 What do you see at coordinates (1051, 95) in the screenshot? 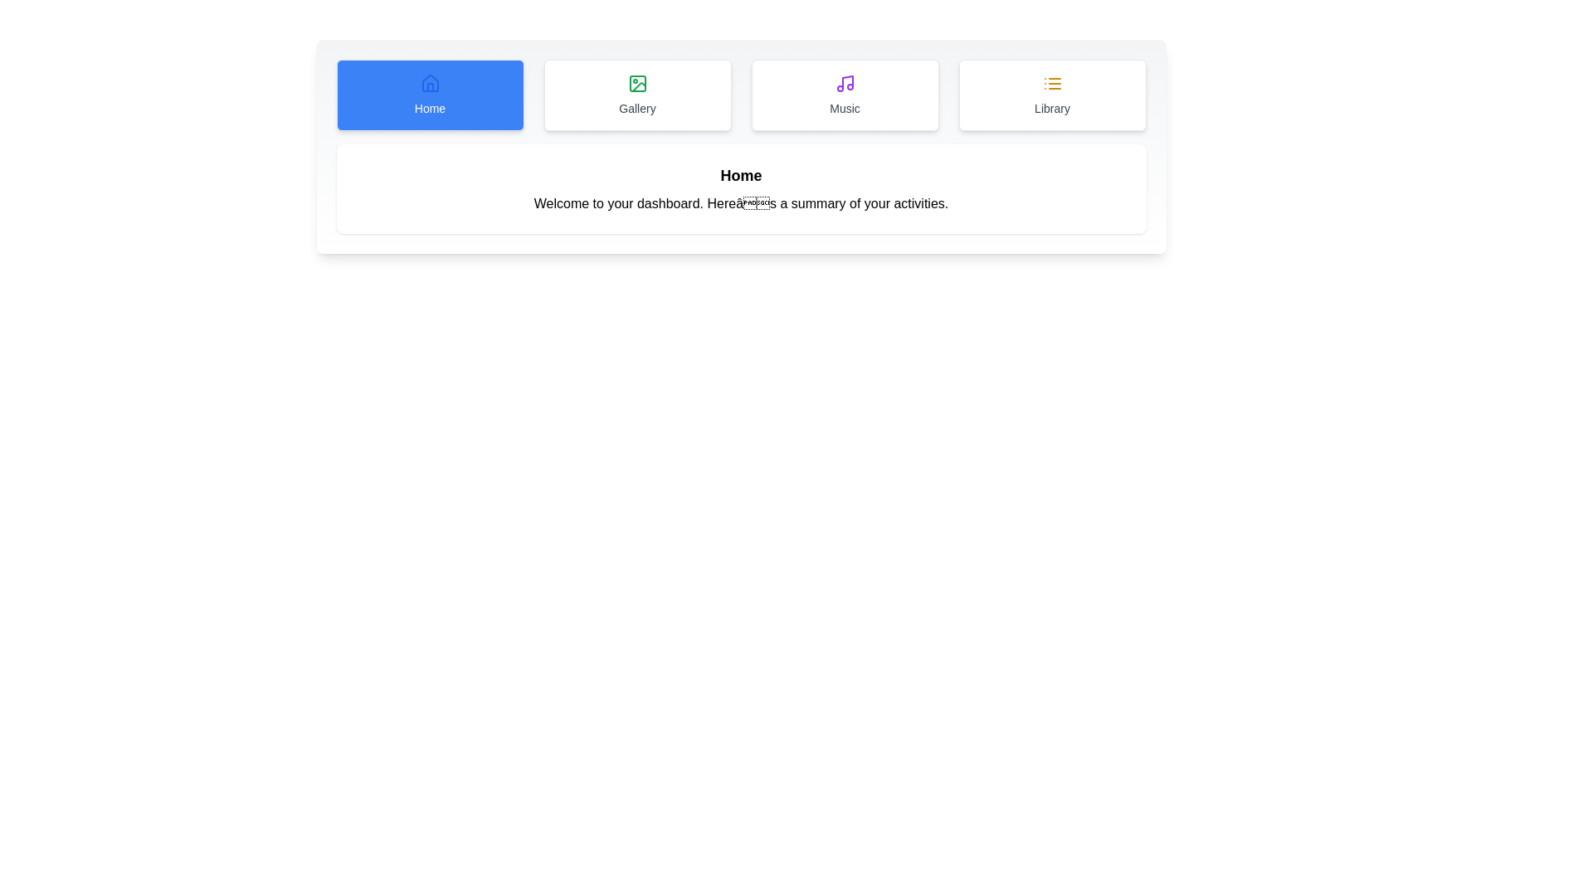
I see `the button labeled Library to observe its hover effect` at bounding box center [1051, 95].